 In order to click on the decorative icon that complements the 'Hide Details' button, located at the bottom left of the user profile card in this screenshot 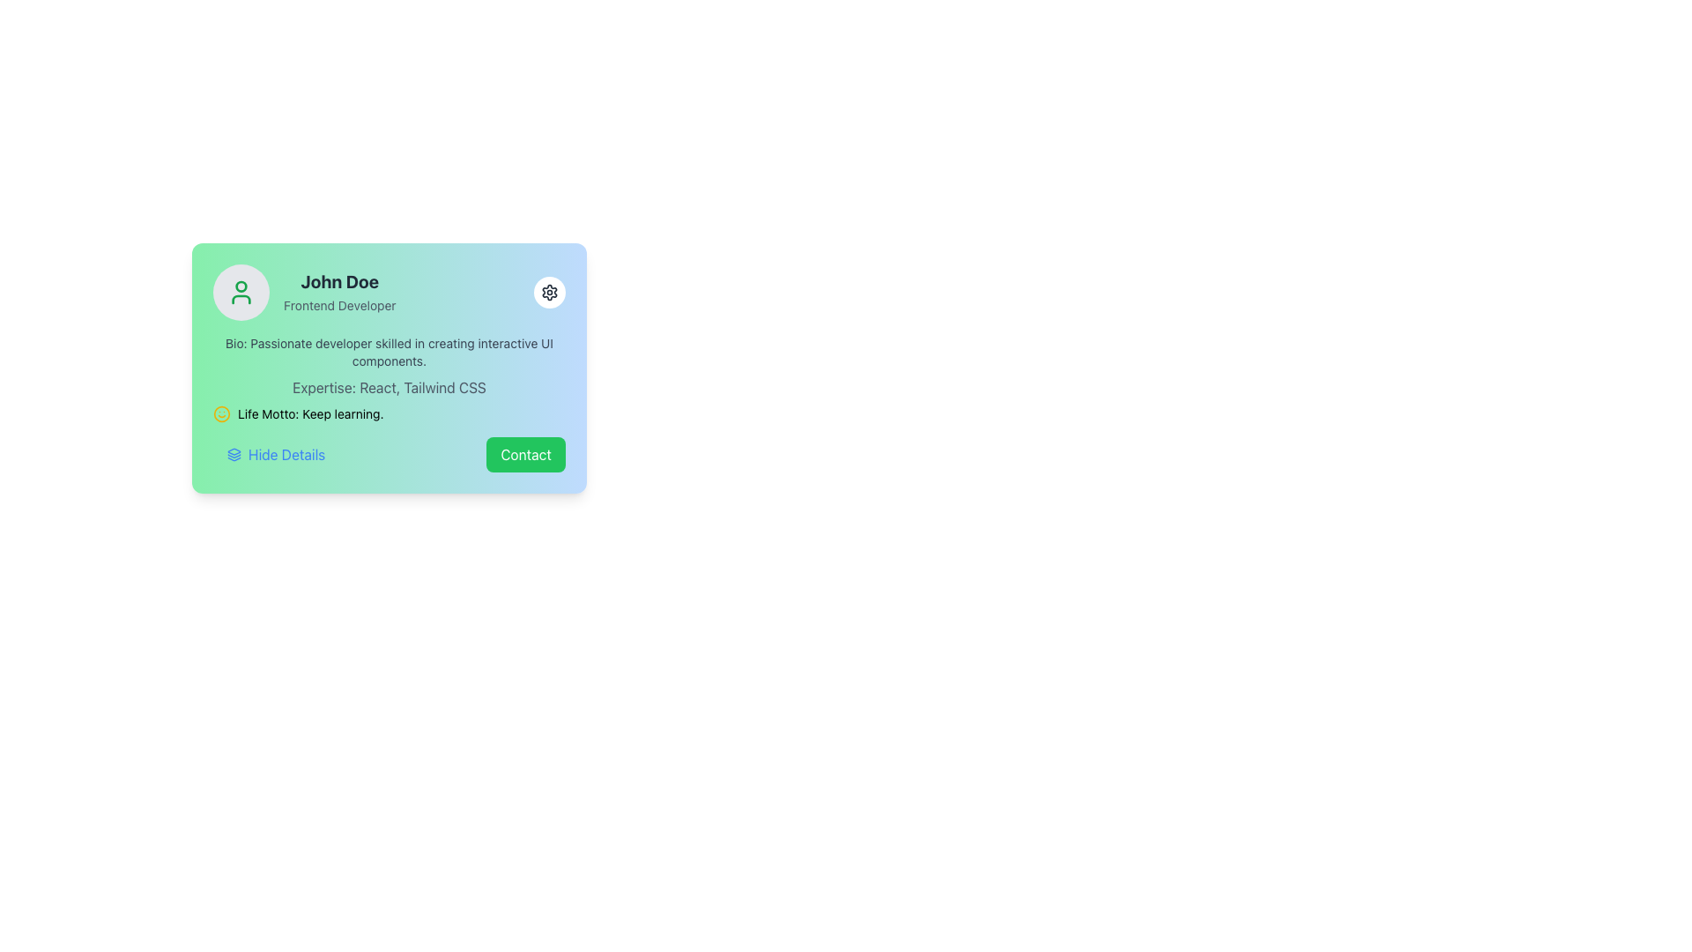, I will do `click(233, 454)`.